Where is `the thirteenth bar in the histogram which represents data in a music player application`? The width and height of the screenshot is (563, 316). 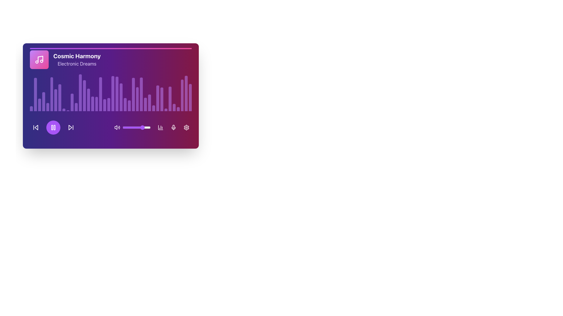 the thirteenth bar in the histogram which represents data in a music player application is located at coordinates (80, 92).